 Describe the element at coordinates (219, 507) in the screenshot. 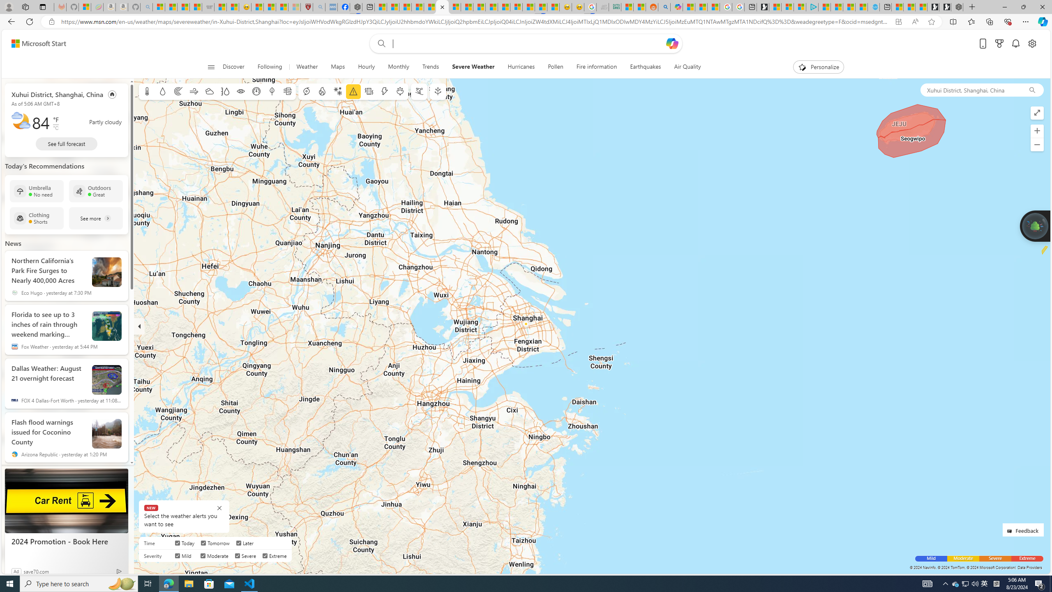

I see `'Class: BubbleMessageCloseIcon-DS-EntryPoint1-1'` at that location.